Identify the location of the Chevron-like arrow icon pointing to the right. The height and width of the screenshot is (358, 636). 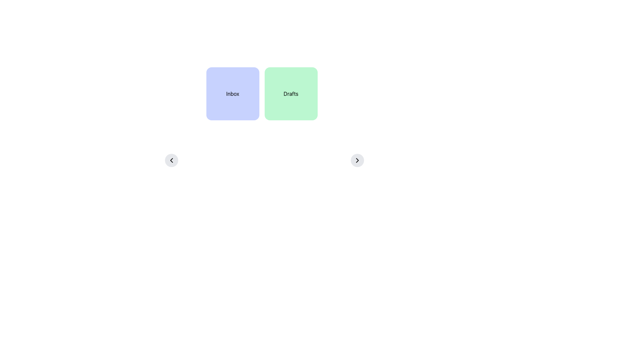
(357, 160).